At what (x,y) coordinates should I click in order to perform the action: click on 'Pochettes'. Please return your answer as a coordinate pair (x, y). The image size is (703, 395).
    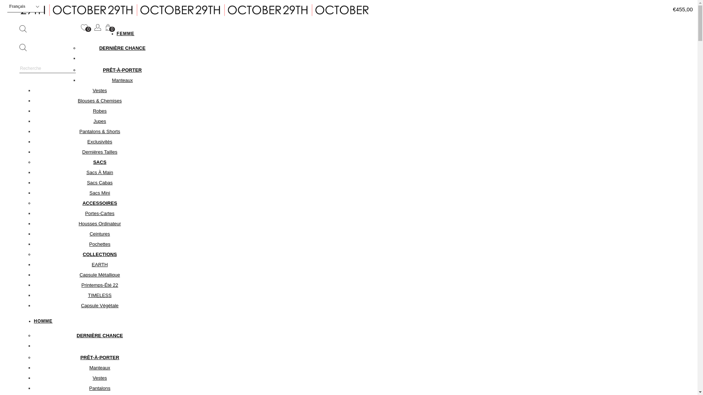
    Looking at the image, I should click on (100, 244).